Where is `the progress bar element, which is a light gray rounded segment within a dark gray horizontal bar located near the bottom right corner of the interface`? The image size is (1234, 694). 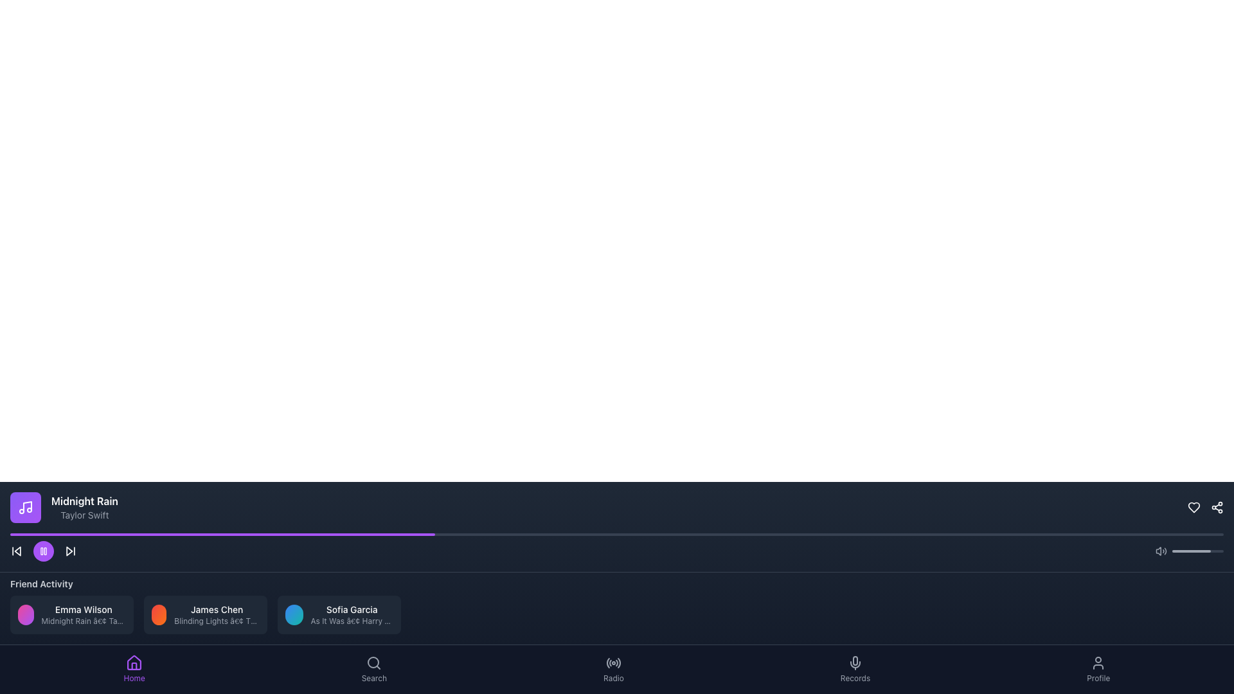 the progress bar element, which is a light gray rounded segment within a dark gray horizontal bar located near the bottom right corner of the interface is located at coordinates (1190, 550).